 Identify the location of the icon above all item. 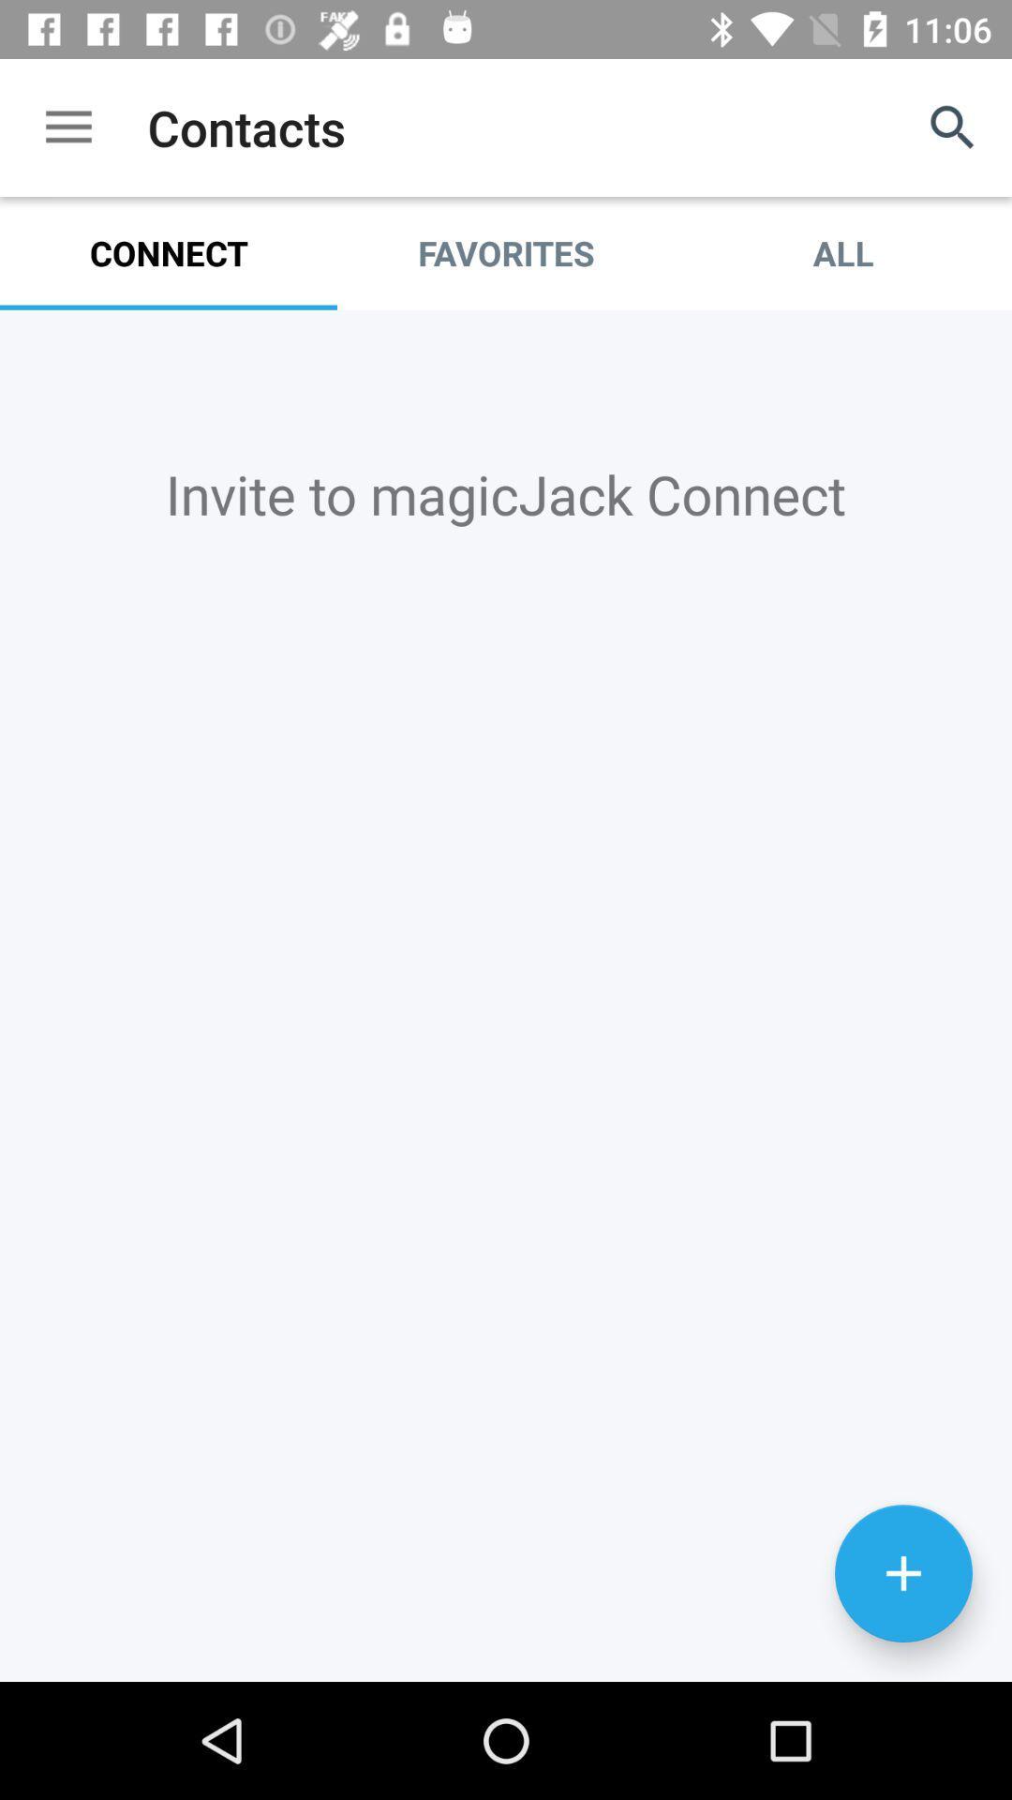
(953, 127).